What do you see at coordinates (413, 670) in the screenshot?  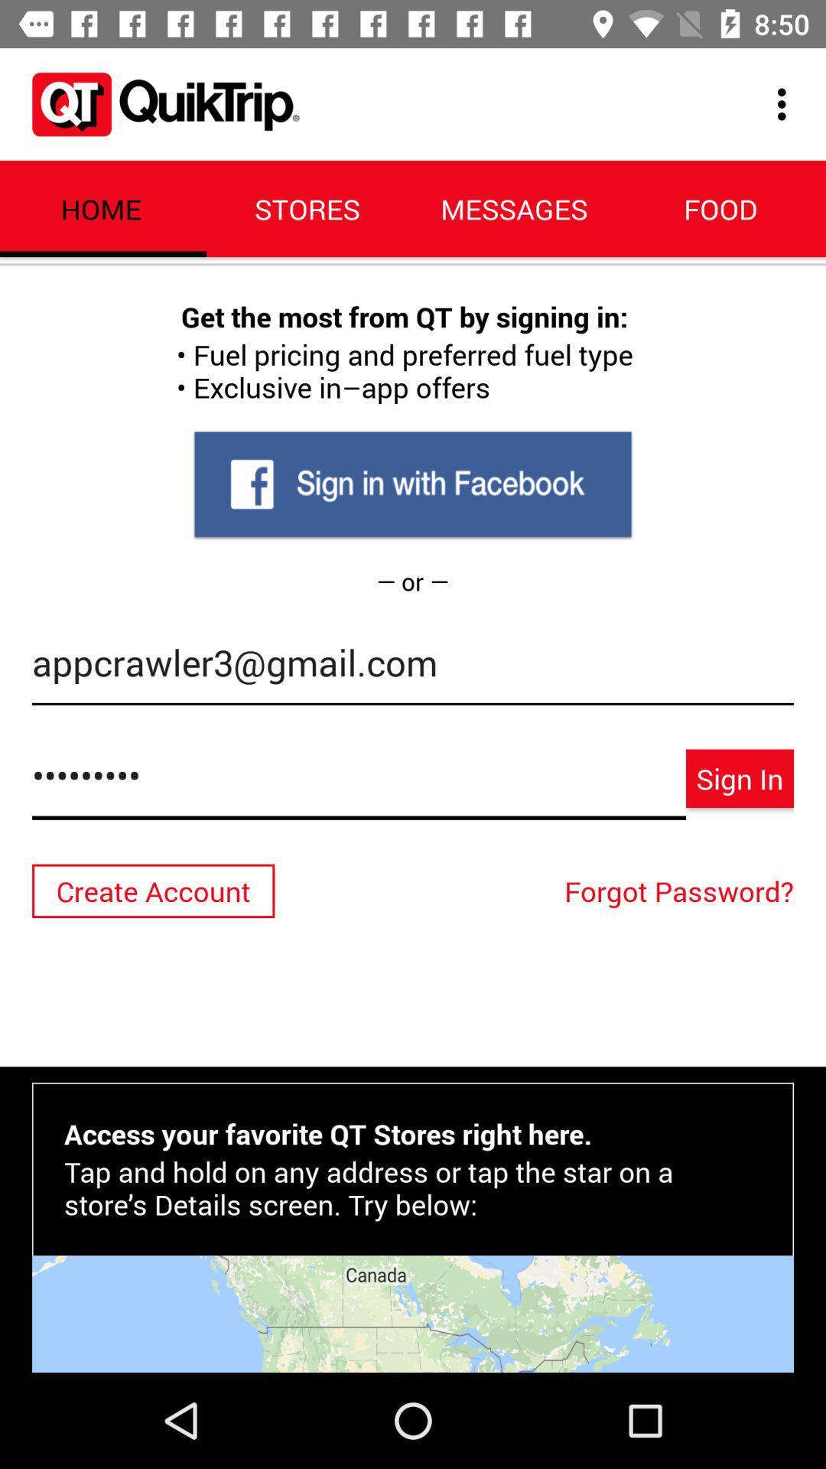 I see `the appcrawler3@gmail.com item` at bounding box center [413, 670].